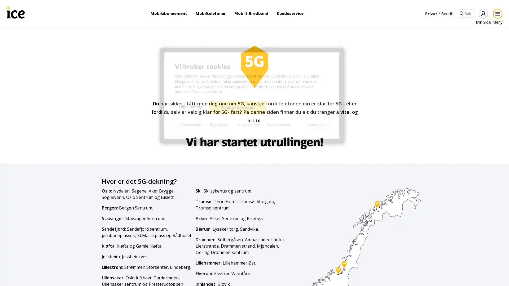  Describe the element at coordinates (461, 13) in the screenshot. I see `Sk` at that location.